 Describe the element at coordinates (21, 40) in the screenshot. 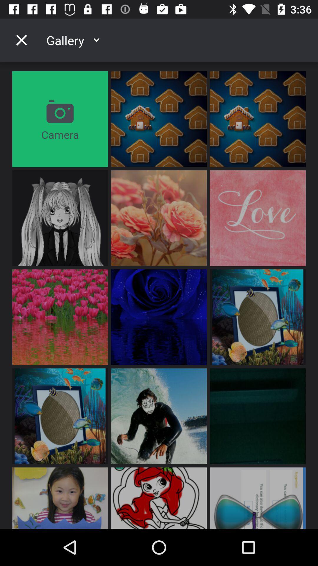

I see `the icon to the left of gallery item` at that location.